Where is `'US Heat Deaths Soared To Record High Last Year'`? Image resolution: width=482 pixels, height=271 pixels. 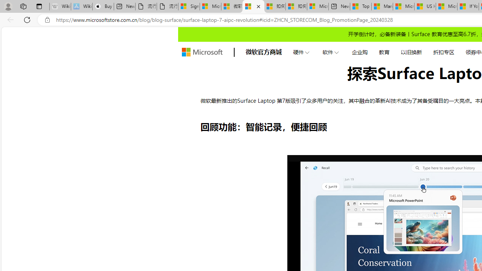 'US Heat Deaths Soared To Record High Last Year' is located at coordinates (425, 6).